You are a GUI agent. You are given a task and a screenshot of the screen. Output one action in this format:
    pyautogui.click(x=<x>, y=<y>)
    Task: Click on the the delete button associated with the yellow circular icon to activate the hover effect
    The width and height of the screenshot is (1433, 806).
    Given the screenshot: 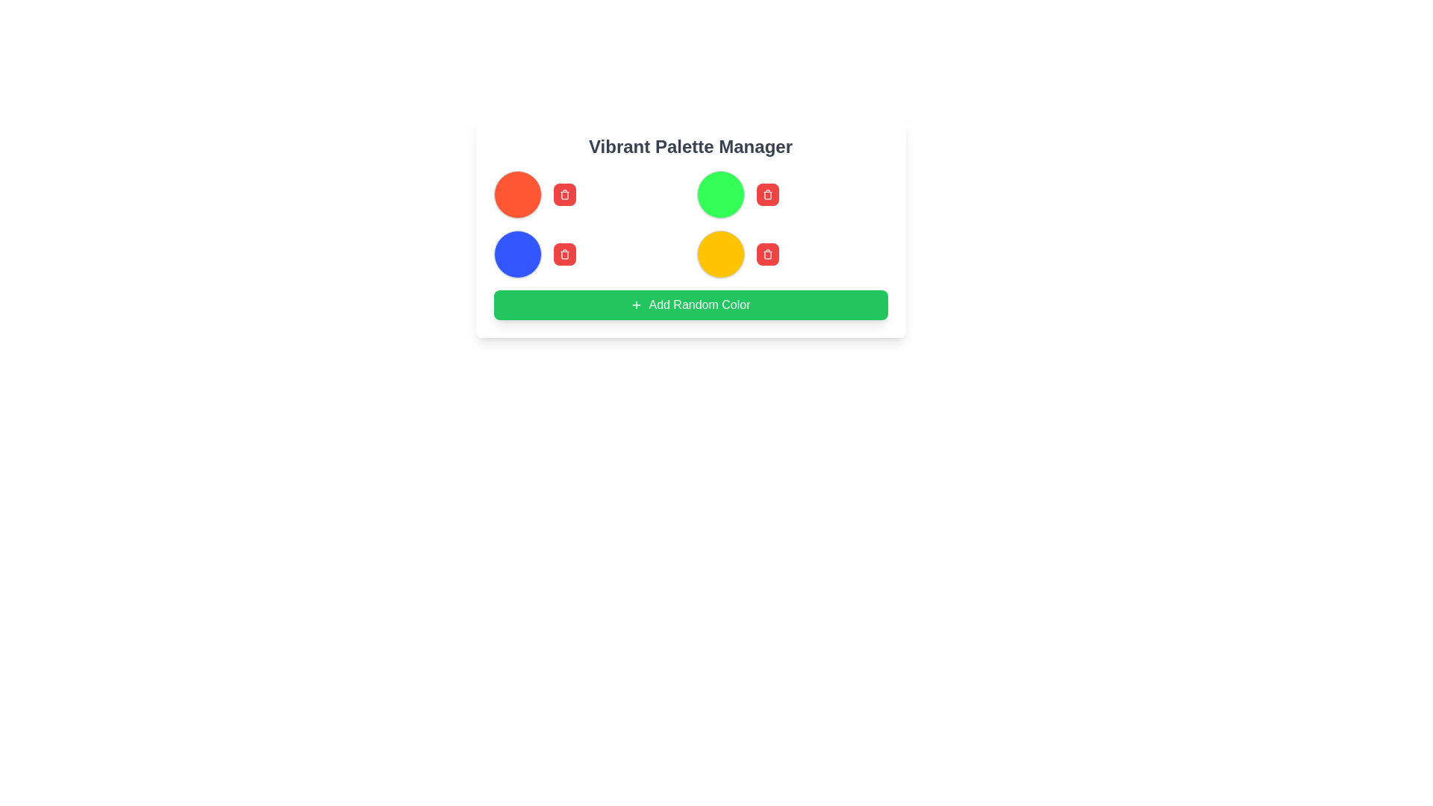 What is the action you would take?
    pyautogui.click(x=767, y=253)
    